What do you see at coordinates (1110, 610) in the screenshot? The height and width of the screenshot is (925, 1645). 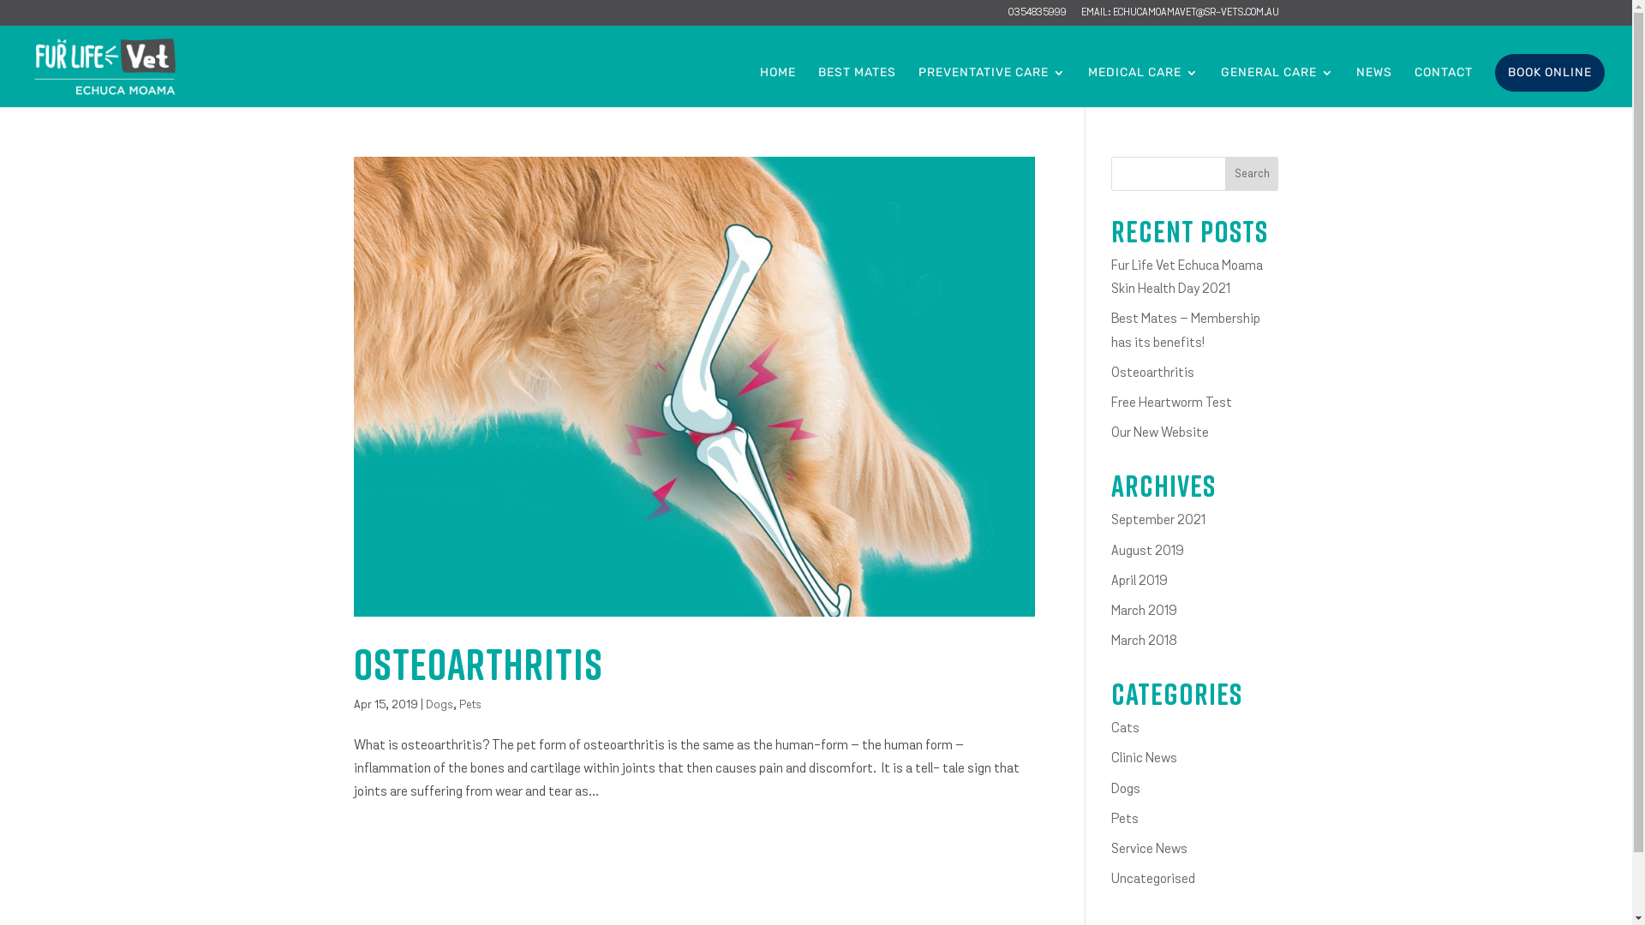 I see `'March 2019'` at bounding box center [1110, 610].